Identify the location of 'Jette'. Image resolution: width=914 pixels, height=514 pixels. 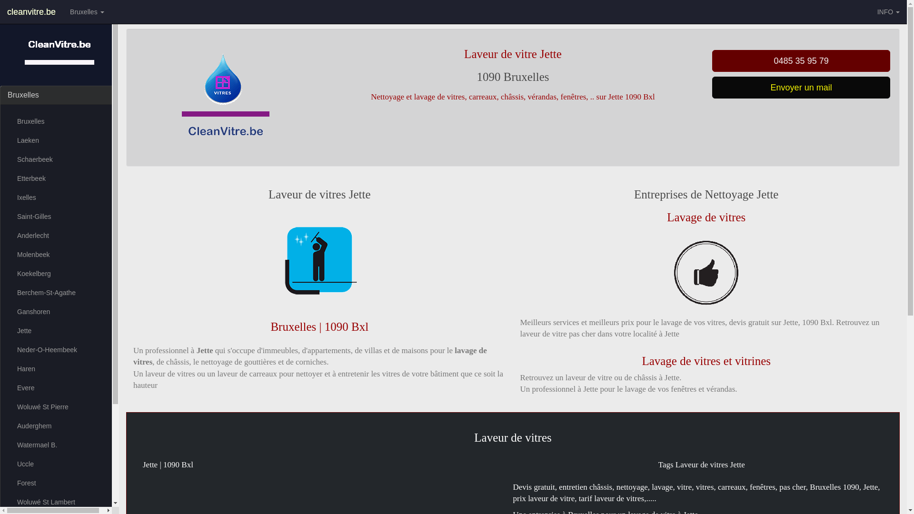
(59, 330).